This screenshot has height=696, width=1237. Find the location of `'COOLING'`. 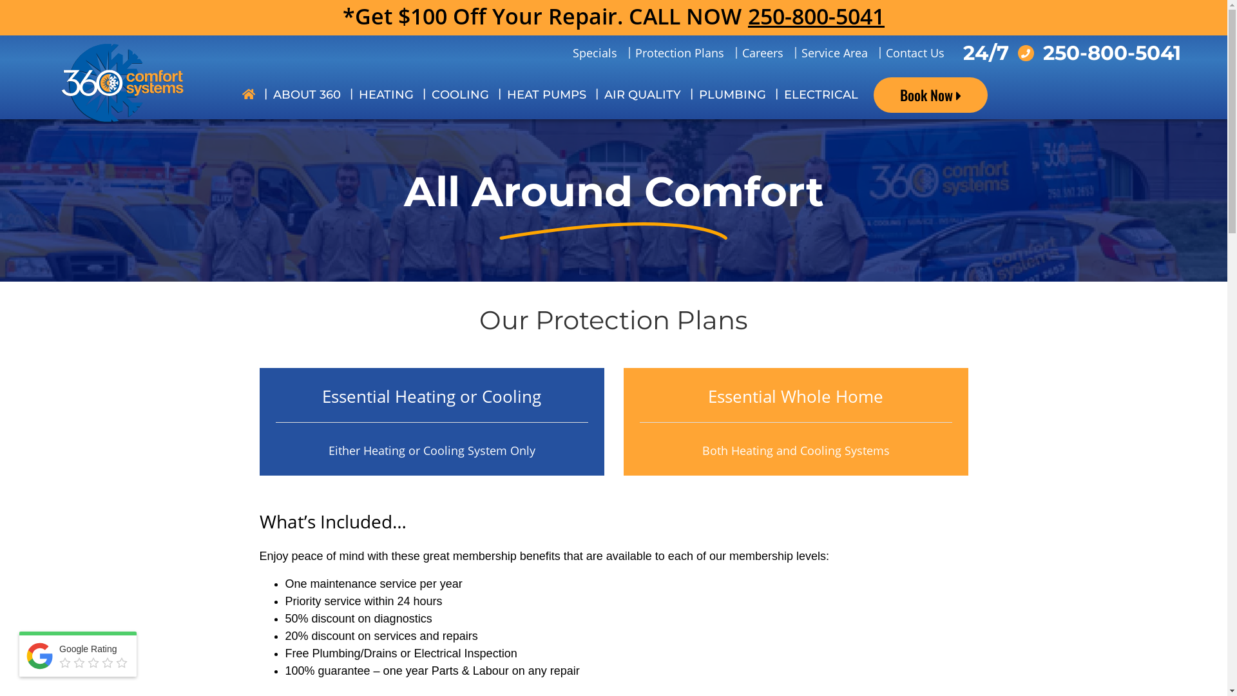

'COOLING' is located at coordinates (460, 94).